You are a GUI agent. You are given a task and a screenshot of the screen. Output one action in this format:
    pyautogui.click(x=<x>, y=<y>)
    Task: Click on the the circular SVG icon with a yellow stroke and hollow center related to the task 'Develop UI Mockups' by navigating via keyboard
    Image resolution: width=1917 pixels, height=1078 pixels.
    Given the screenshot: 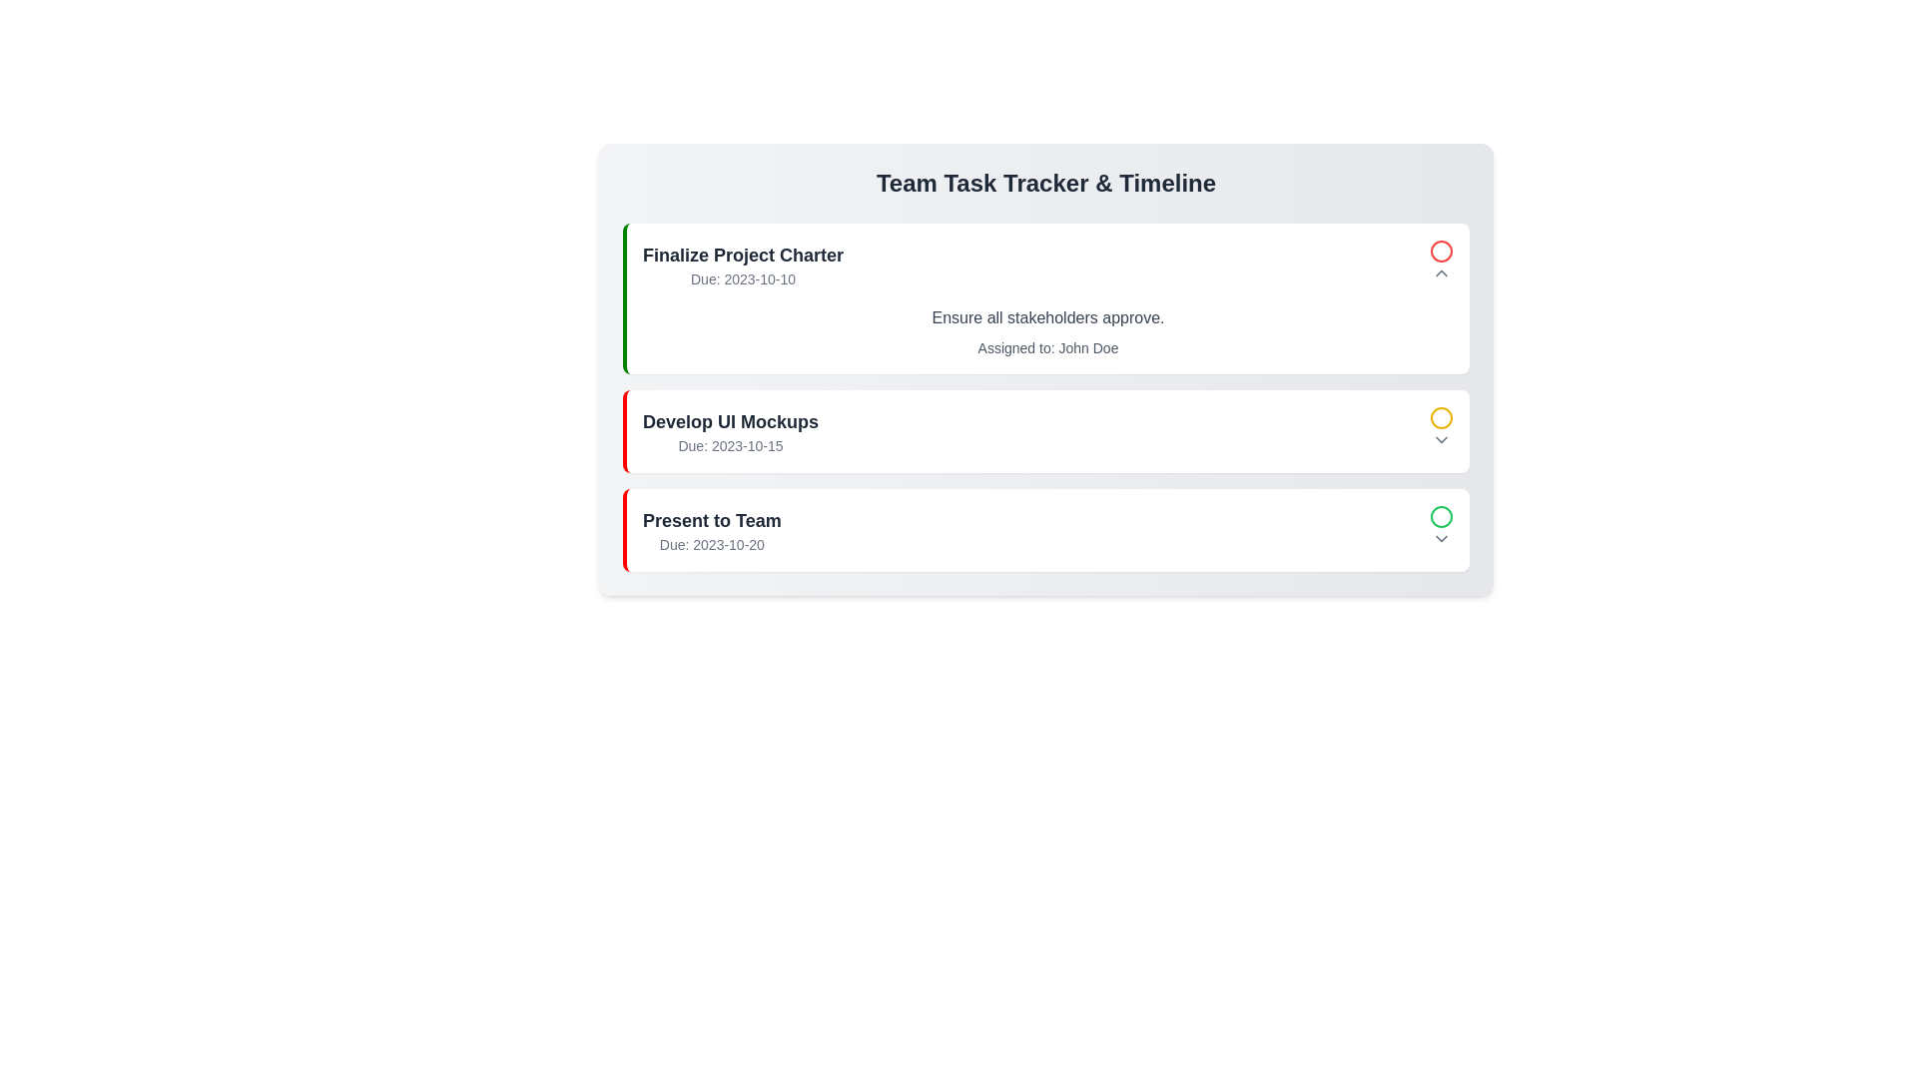 What is the action you would take?
    pyautogui.click(x=1442, y=417)
    